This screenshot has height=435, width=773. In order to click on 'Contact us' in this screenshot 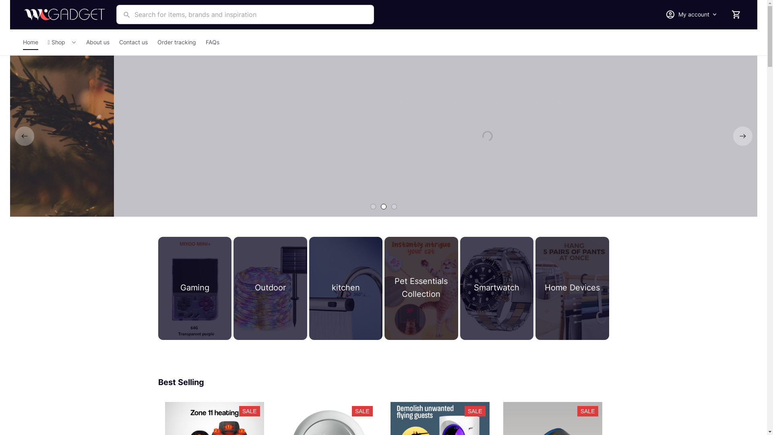, I will do `click(114, 42)`.